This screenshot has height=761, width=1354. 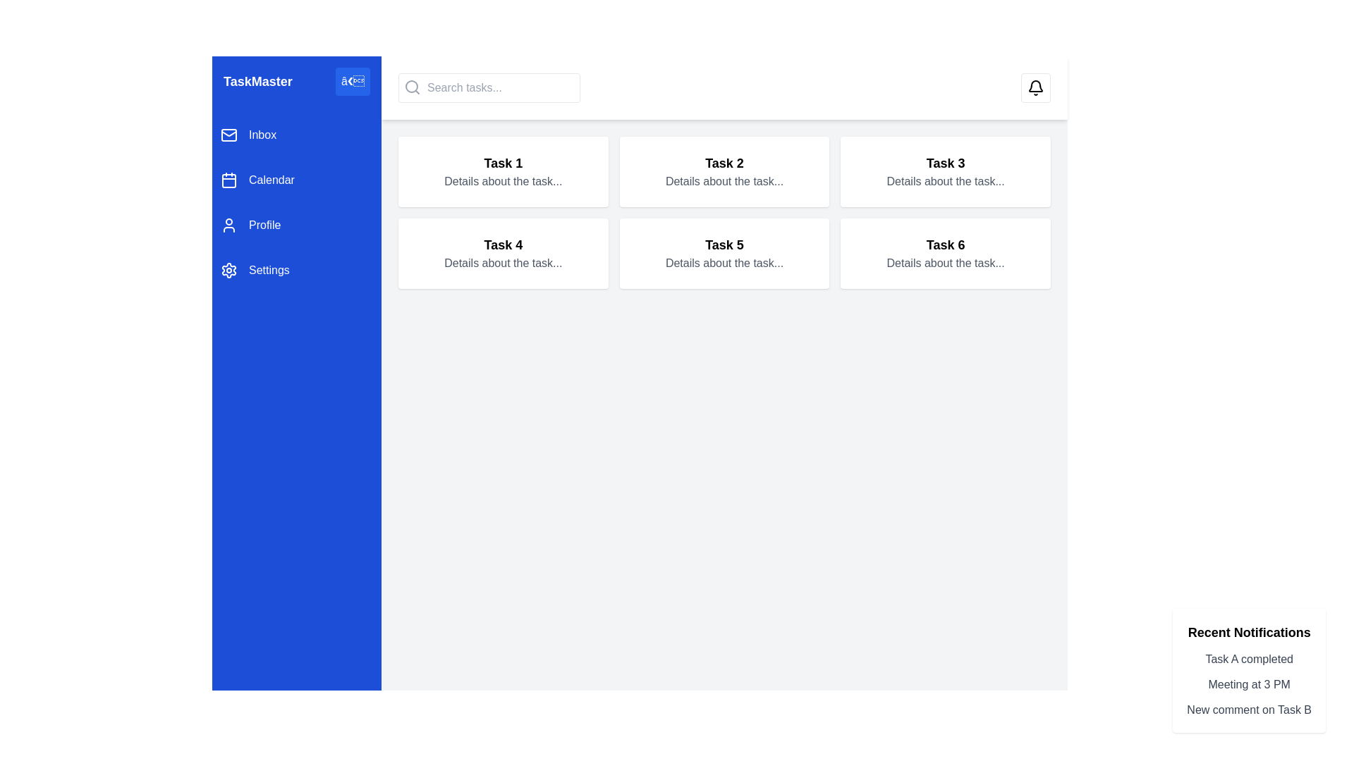 I want to click on the Text Label for the Calendar section located, so click(x=272, y=179).